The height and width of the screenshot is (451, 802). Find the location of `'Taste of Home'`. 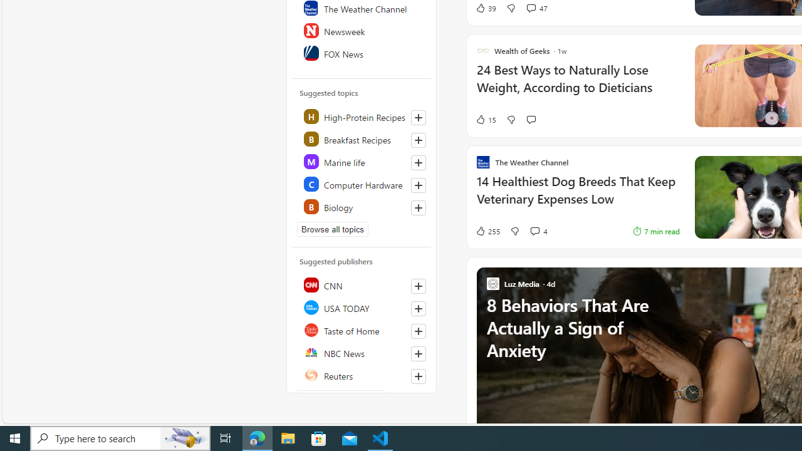

'Taste of Home' is located at coordinates (362, 329).